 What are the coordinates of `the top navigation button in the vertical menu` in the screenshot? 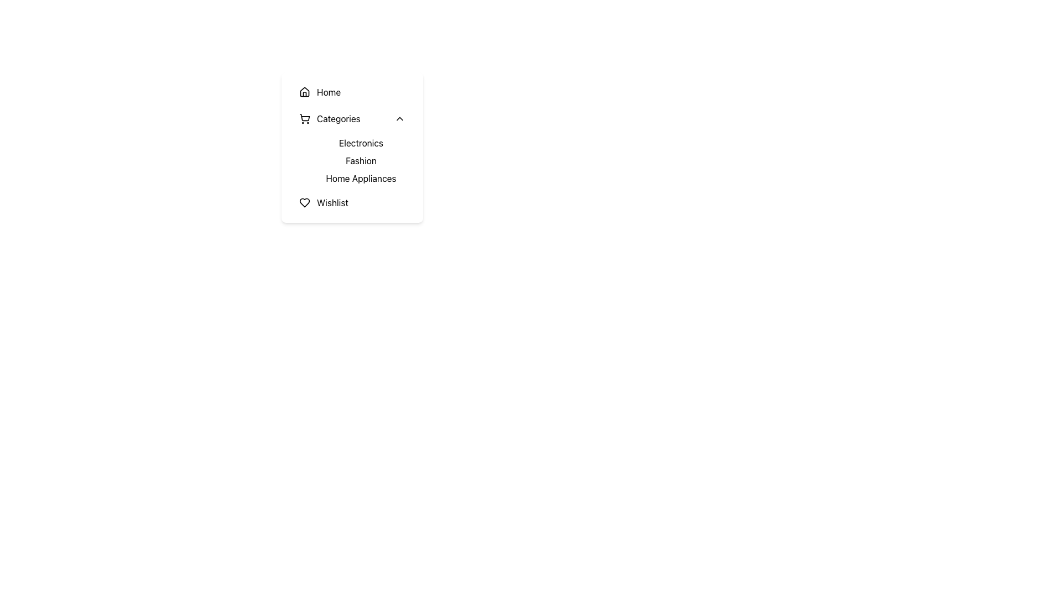 It's located at (352, 91).